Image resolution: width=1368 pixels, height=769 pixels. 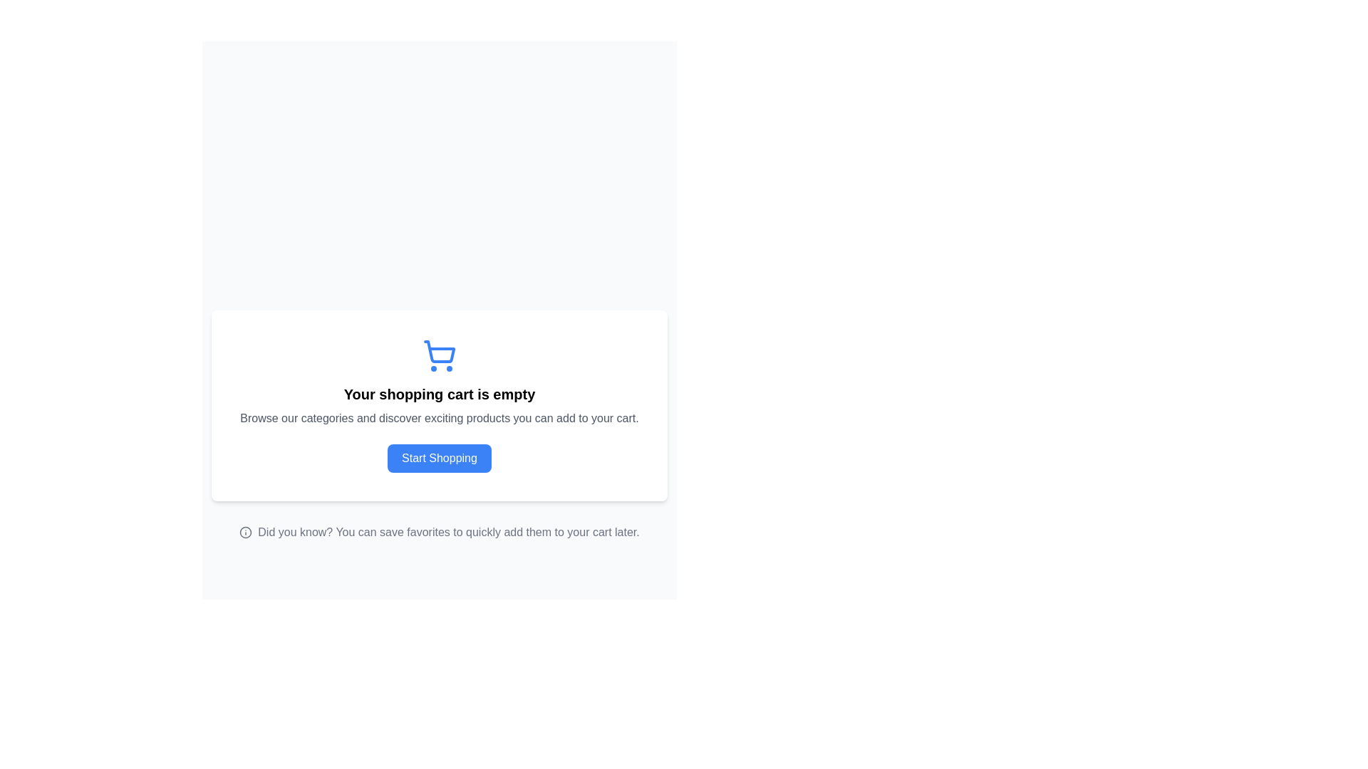 What do you see at coordinates (246, 533) in the screenshot?
I see `the informational icon located to the left of the 'Did you know? You can save favorites to quickly add them to your cart later.' text line, which is slightly indented` at bounding box center [246, 533].